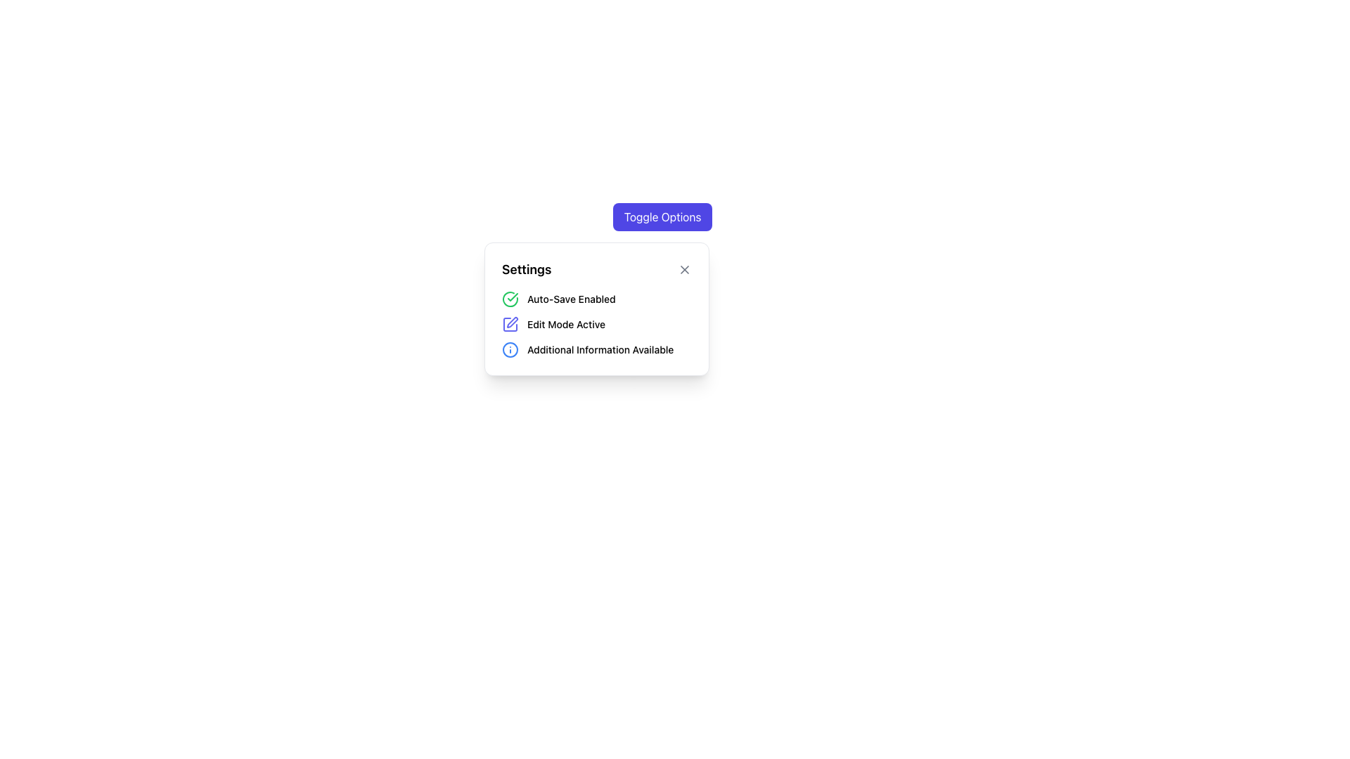 The image size is (1350, 759). What do you see at coordinates (597, 349) in the screenshot?
I see `the non-interactive Text Label with Icon located below the 'Edit Mode Active' row in the settings panel` at bounding box center [597, 349].